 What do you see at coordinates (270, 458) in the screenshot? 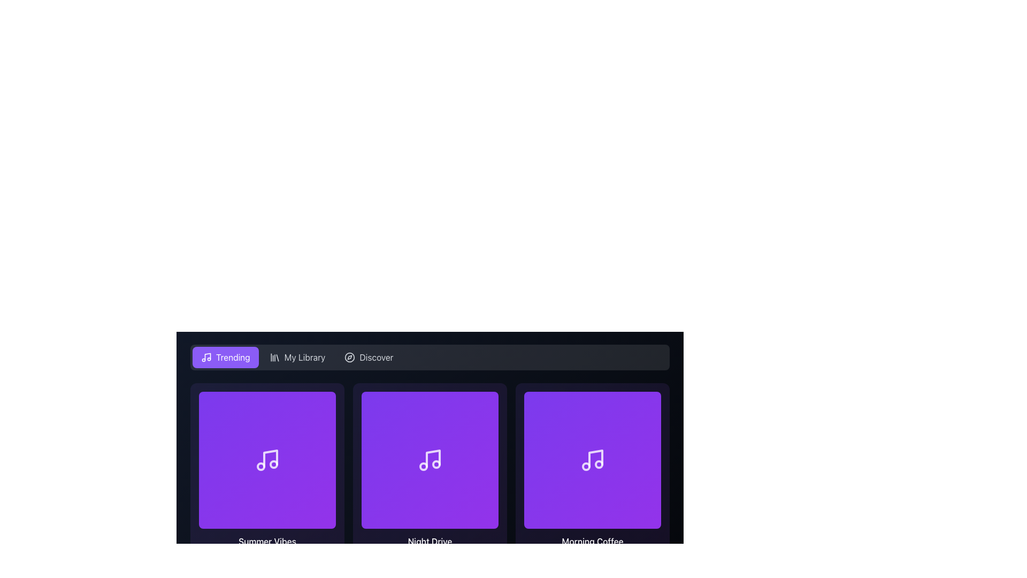
I see `the visual presence of the music note icon positioned in the center of the purple square card labeled 'Summer Vibes'` at bounding box center [270, 458].